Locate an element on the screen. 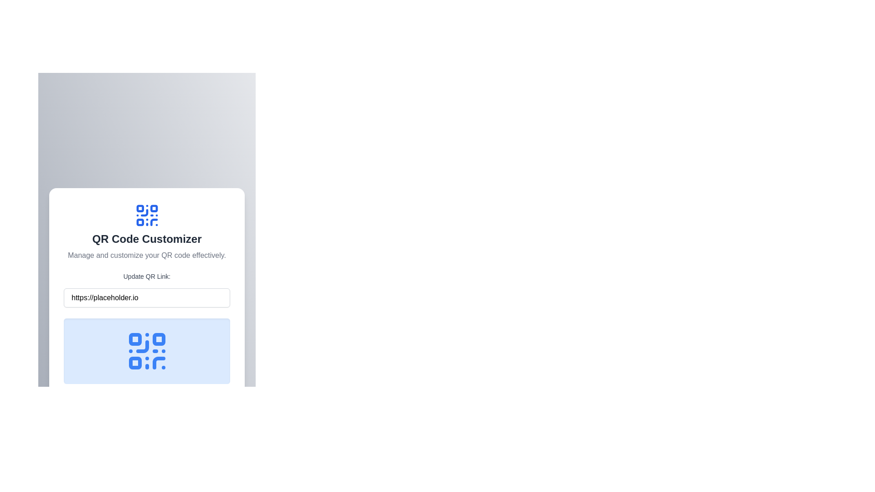  the stylized blue QR code icon located centrally at the top of the content card, above the title 'QR Code Customizer' is located at coordinates (147, 215).